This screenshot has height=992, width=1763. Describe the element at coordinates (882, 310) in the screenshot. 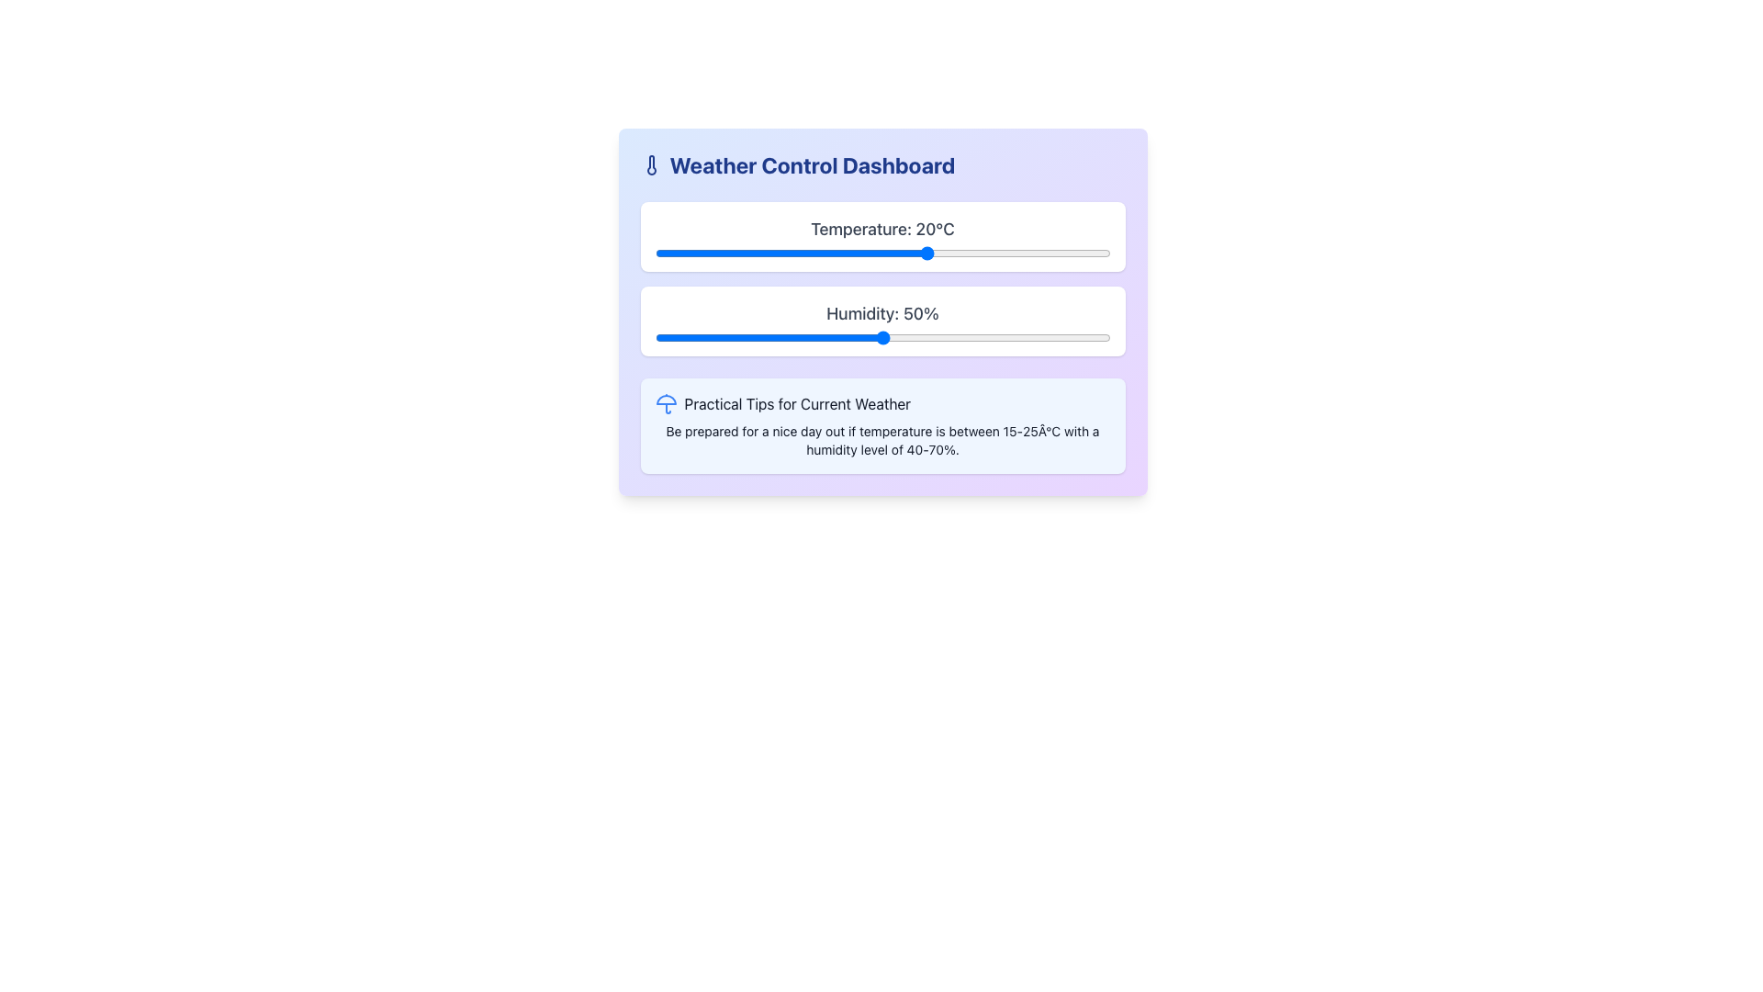

I see `the interactive components within the weather information panel that features a gradient background and rounded corners` at that location.